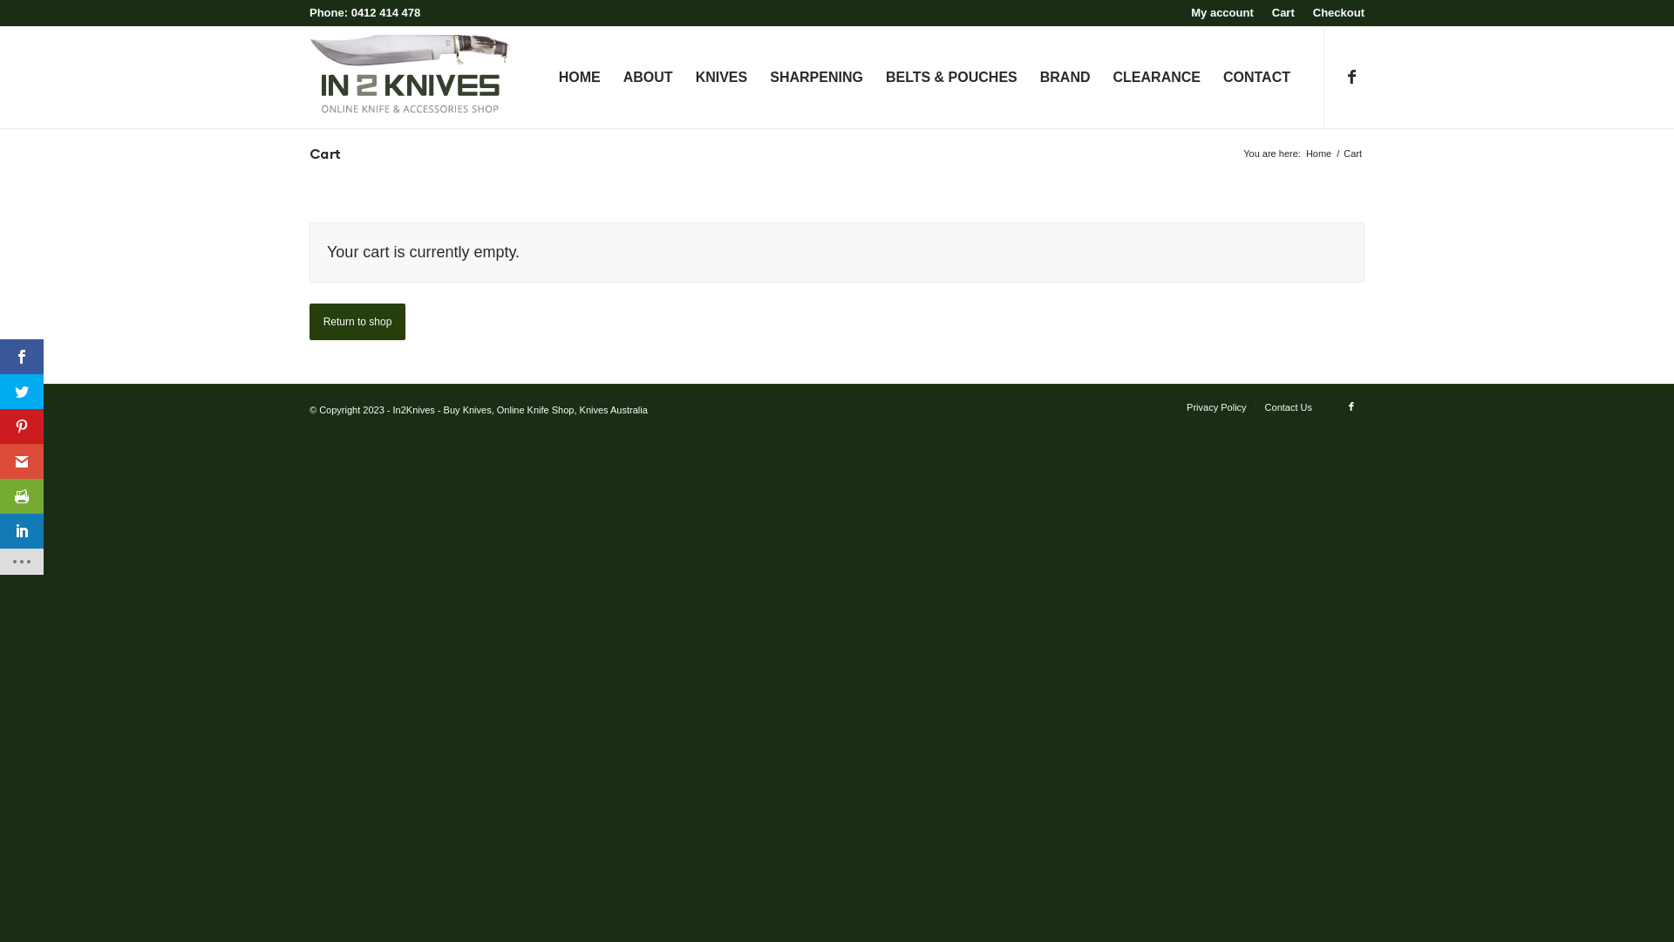 This screenshot has width=1674, height=942. I want to click on 'BELTS & POUCHES', so click(950, 76).